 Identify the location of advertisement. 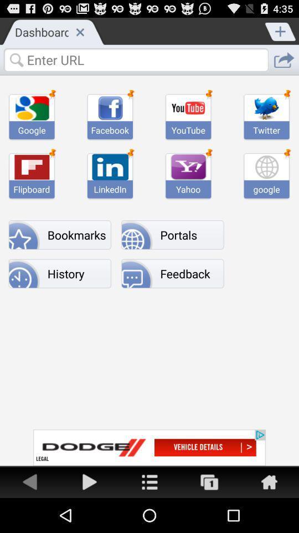
(89, 481).